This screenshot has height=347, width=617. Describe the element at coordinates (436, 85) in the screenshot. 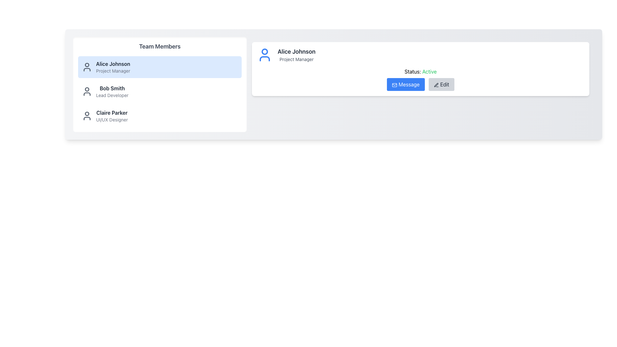

I see `the 'Edit' button which contains the icon that signifies the editing functionality, located on the right-hand side of the user profile information section` at that location.